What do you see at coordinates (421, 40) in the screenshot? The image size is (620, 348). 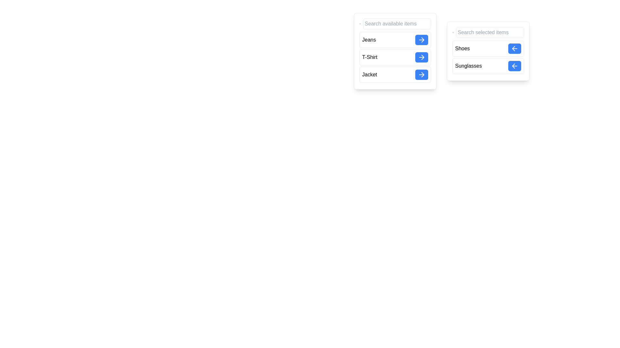 I see `the button labeled 'Jeans' to move it from 'available items' to 'selected items'` at bounding box center [421, 40].